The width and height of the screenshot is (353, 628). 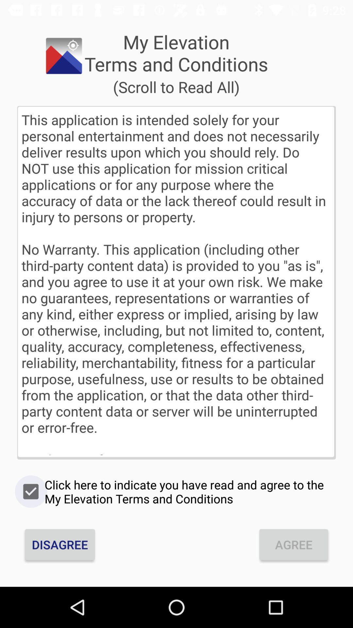 What do you see at coordinates (176, 492) in the screenshot?
I see `the item below the this application is` at bounding box center [176, 492].